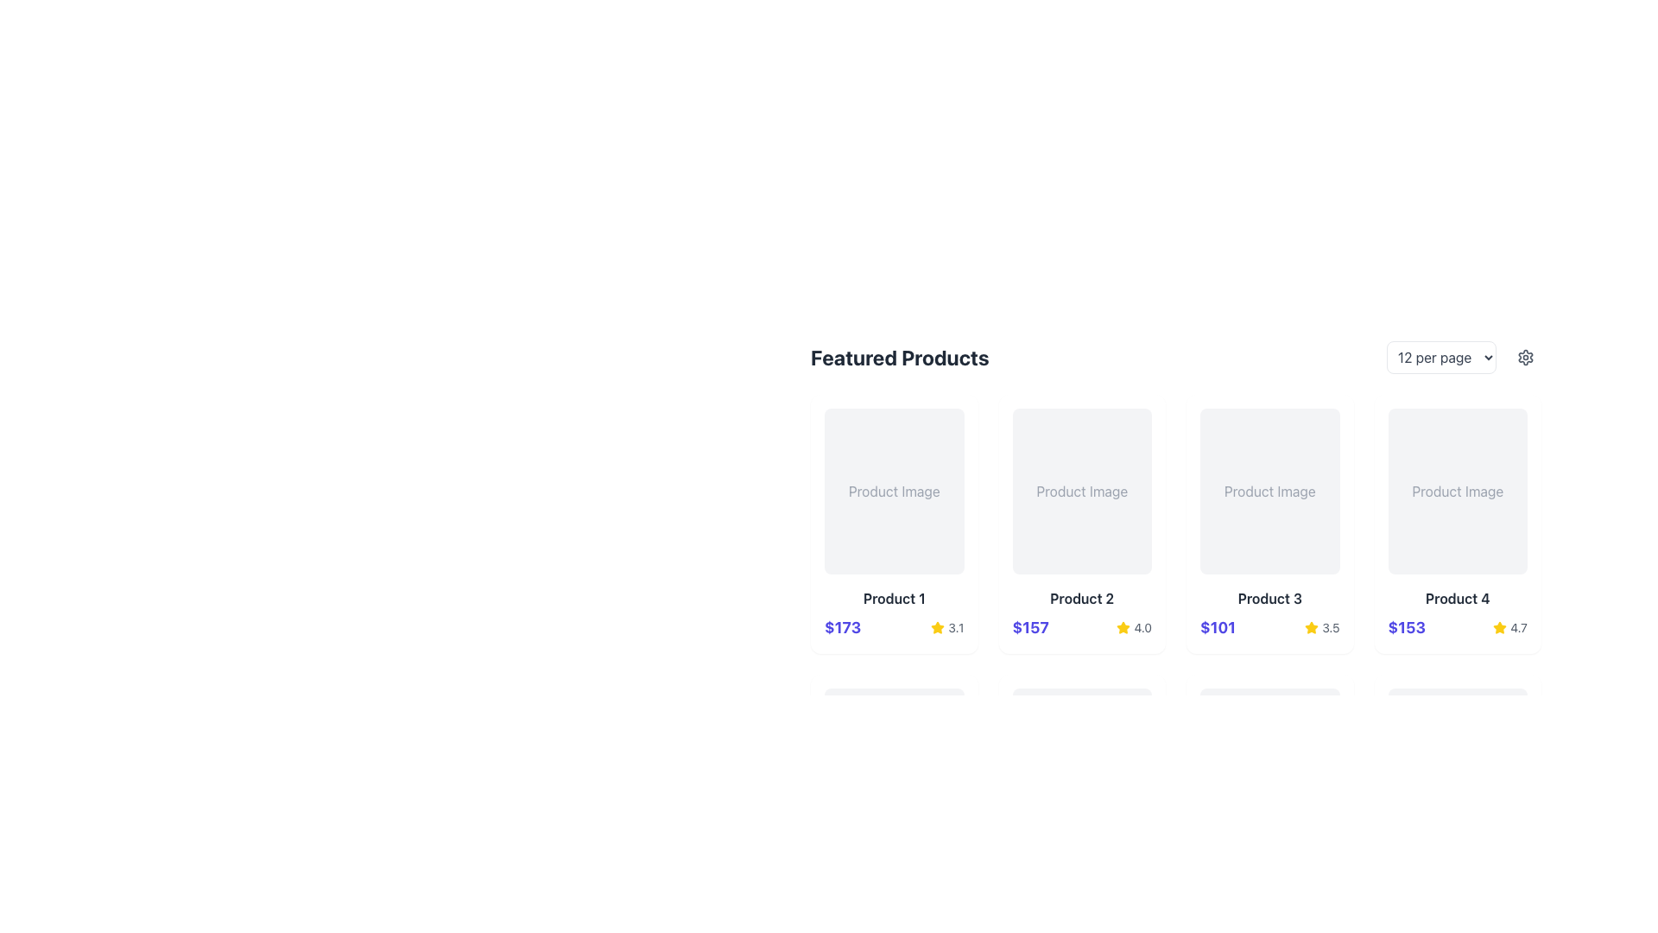 The height and width of the screenshot is (933, 1658). I want to click on rating value of 4.0 displayed in small grey text next to the yellow star icon in the Product 2 card within the 'Featured Products' section, so click(1142, 627).